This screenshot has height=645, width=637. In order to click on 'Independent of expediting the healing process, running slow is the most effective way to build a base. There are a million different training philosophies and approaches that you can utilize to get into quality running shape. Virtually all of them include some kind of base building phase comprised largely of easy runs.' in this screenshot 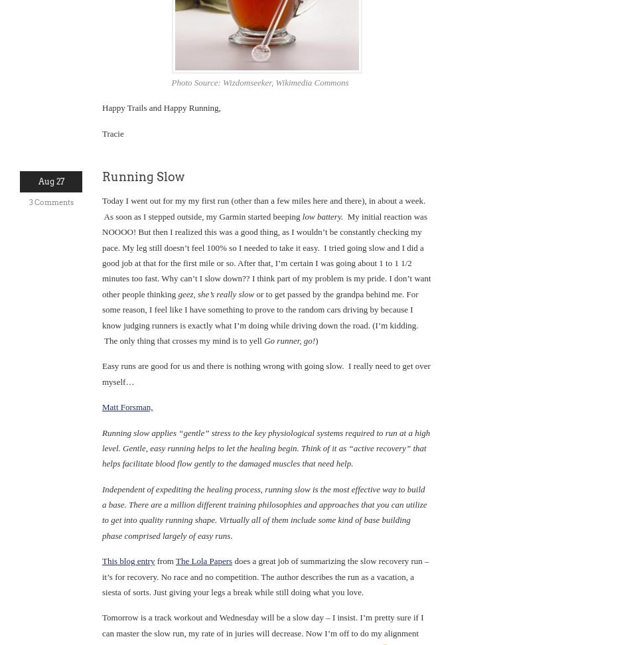, I will do `click(263, 512)`.